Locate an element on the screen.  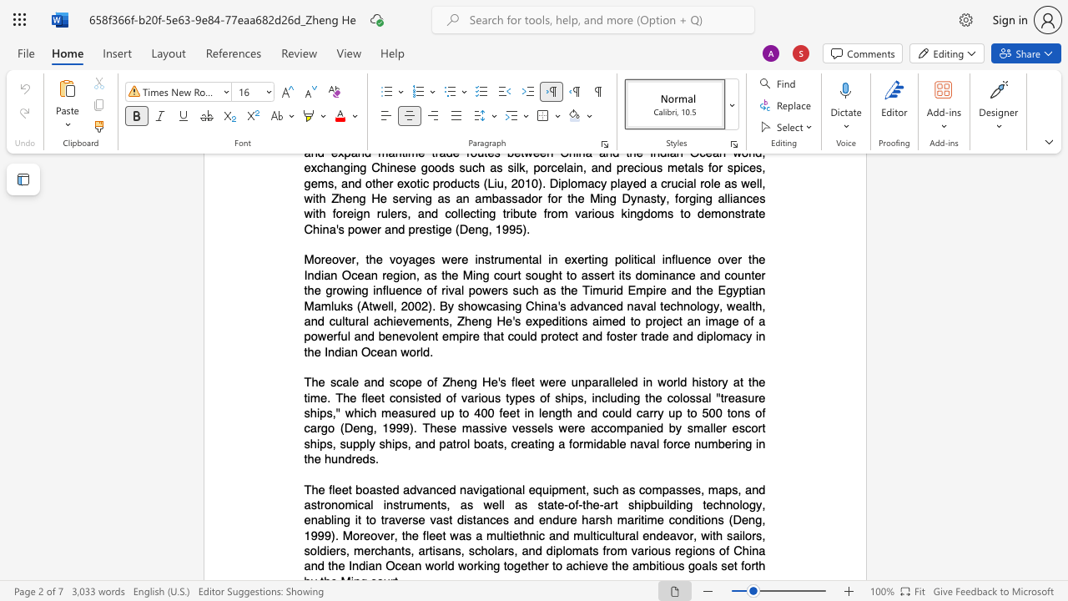
the subset text "ng He" within the text "The scale and scope of Zheng He" is located at coordinates (463, 382).